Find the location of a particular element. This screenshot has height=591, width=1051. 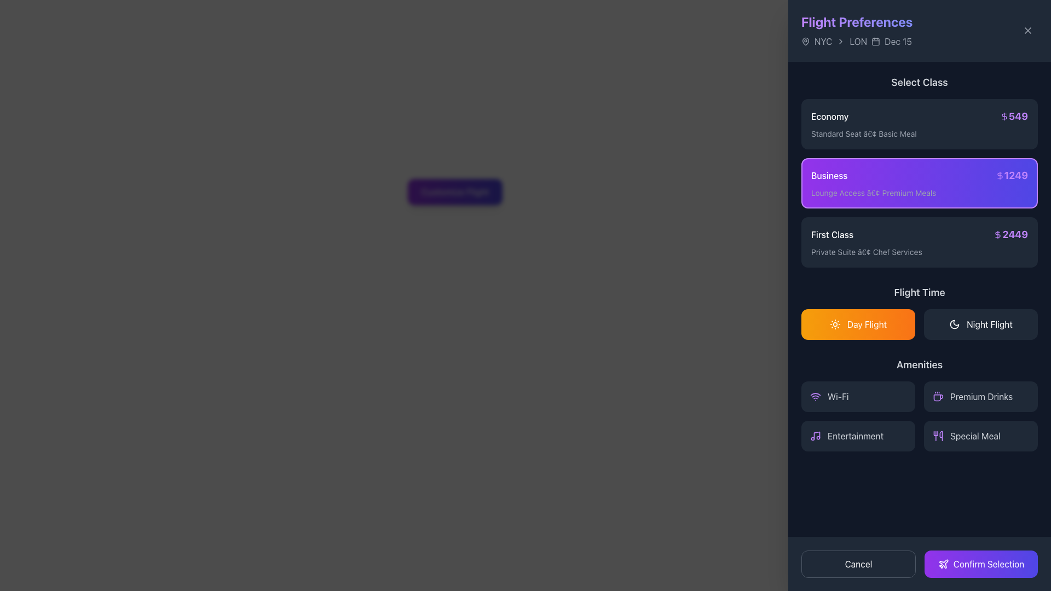

the 'Cancel' button, which is a rectangular button with a dark background and light text, located at the bottom-left of the interface, to the left of the 'Confirm Selection' button is located at coordinates (858, 564).